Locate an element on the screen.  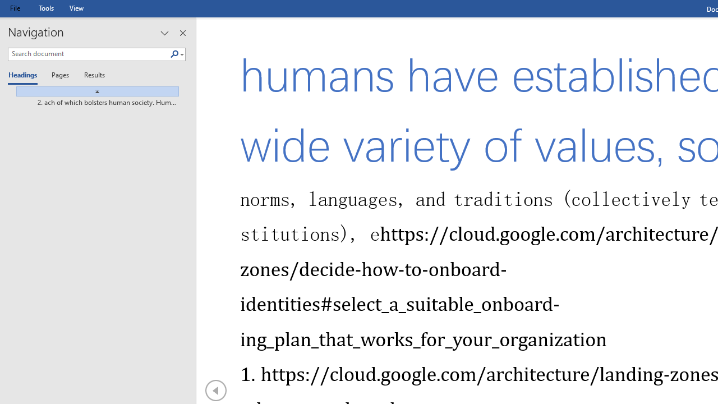
'Jump to the beginning' is located at coordinates (93, 91).